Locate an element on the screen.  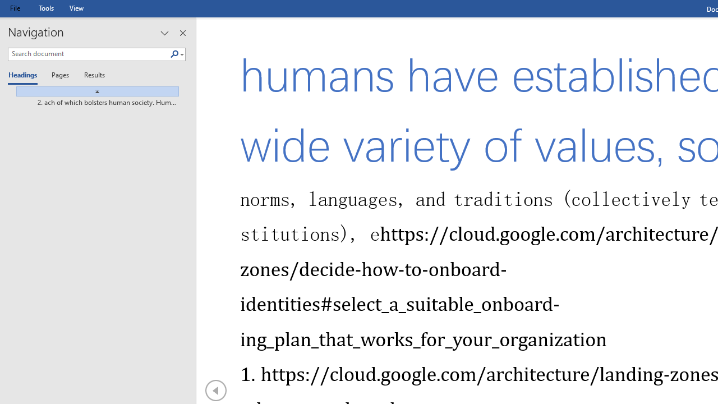
'Jump to the beginning' is located at coordinates (93, 91).